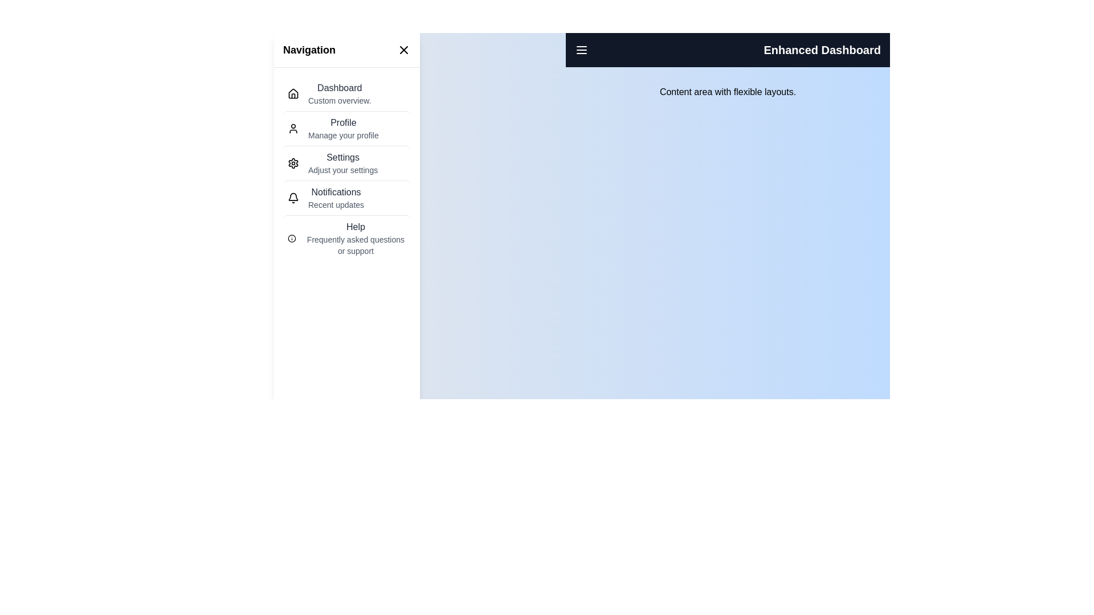  I want to click on the 'Dashboard' icon located in the first item of the navigation menu on the left, which is positioned to the left of the 'Dashboard' text, so click(293, 93).